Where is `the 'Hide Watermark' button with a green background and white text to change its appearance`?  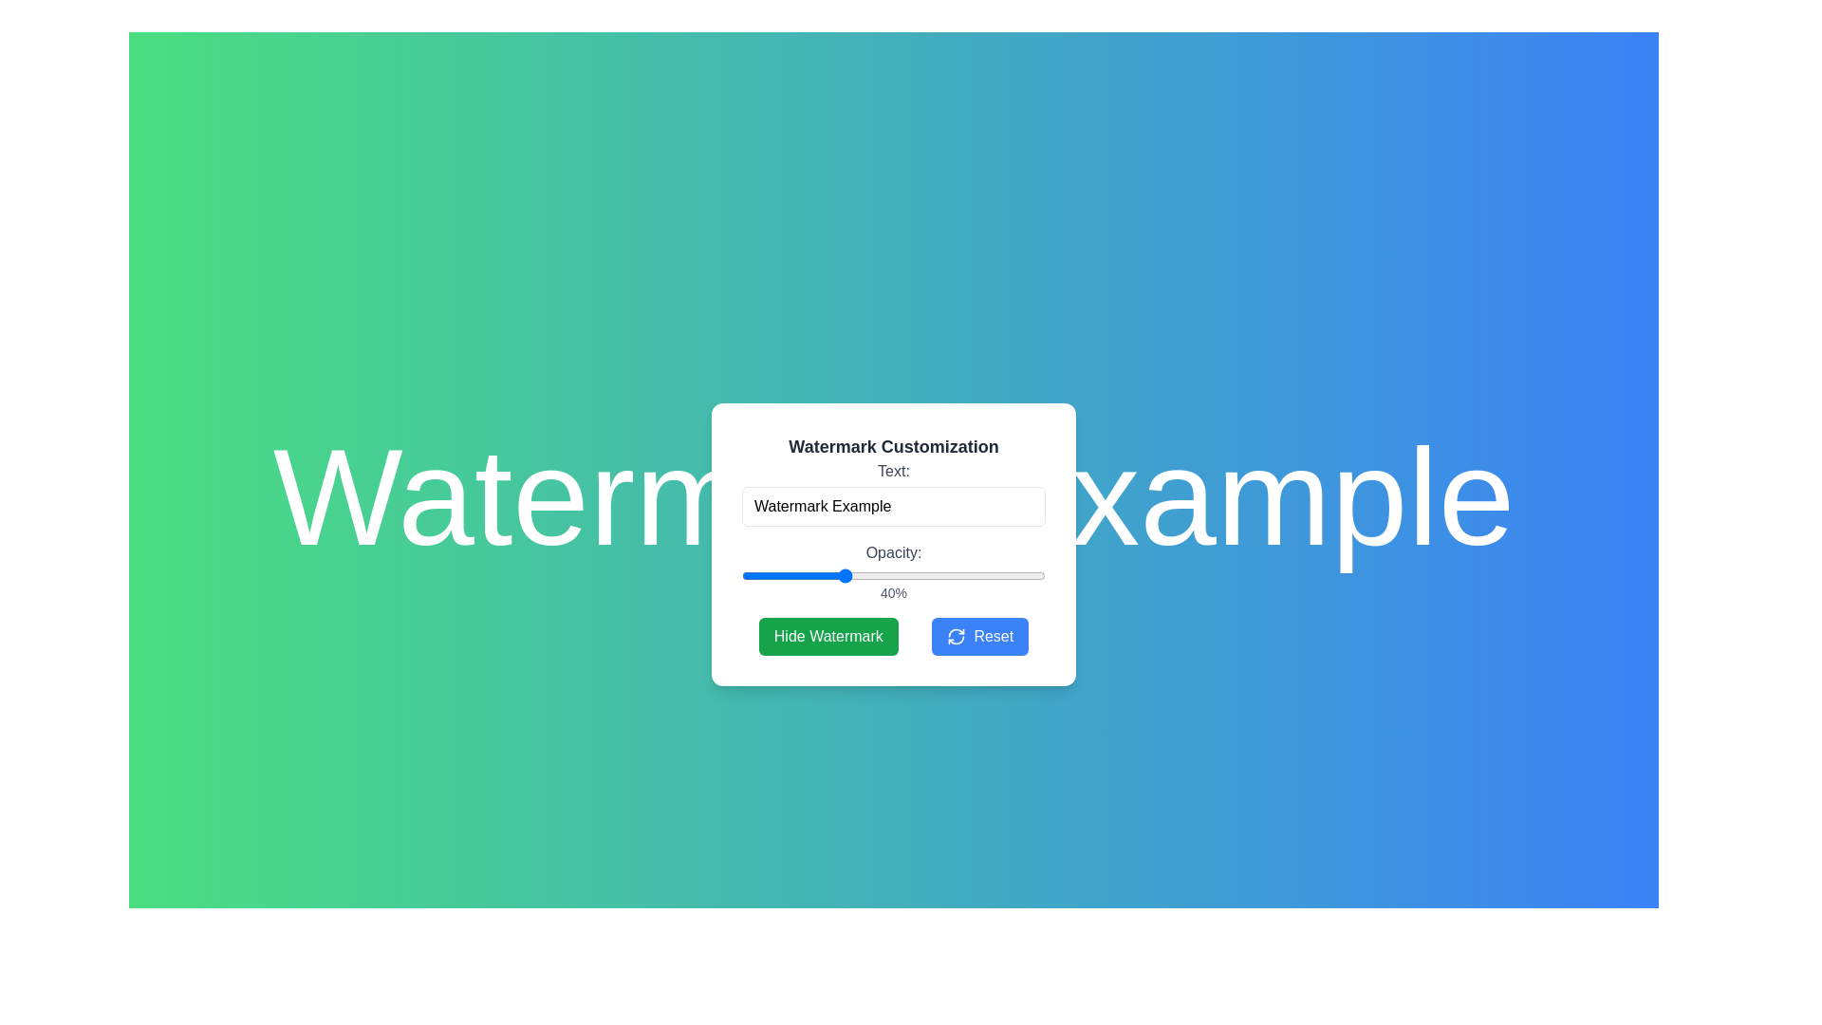 the 'Hide Watermark' button with a green background and white text to change its appearance is located at coordinates (828, 637).